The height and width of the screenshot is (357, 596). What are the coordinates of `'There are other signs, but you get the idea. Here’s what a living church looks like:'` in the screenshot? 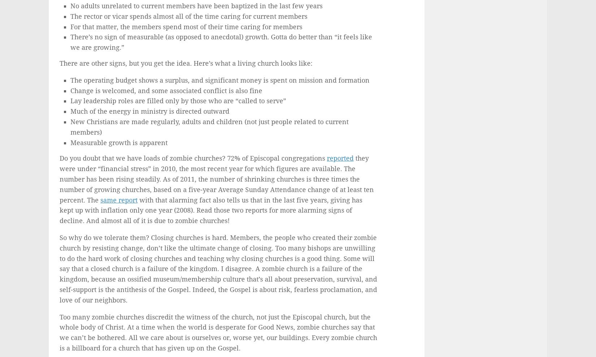 It's located at (185, 63).